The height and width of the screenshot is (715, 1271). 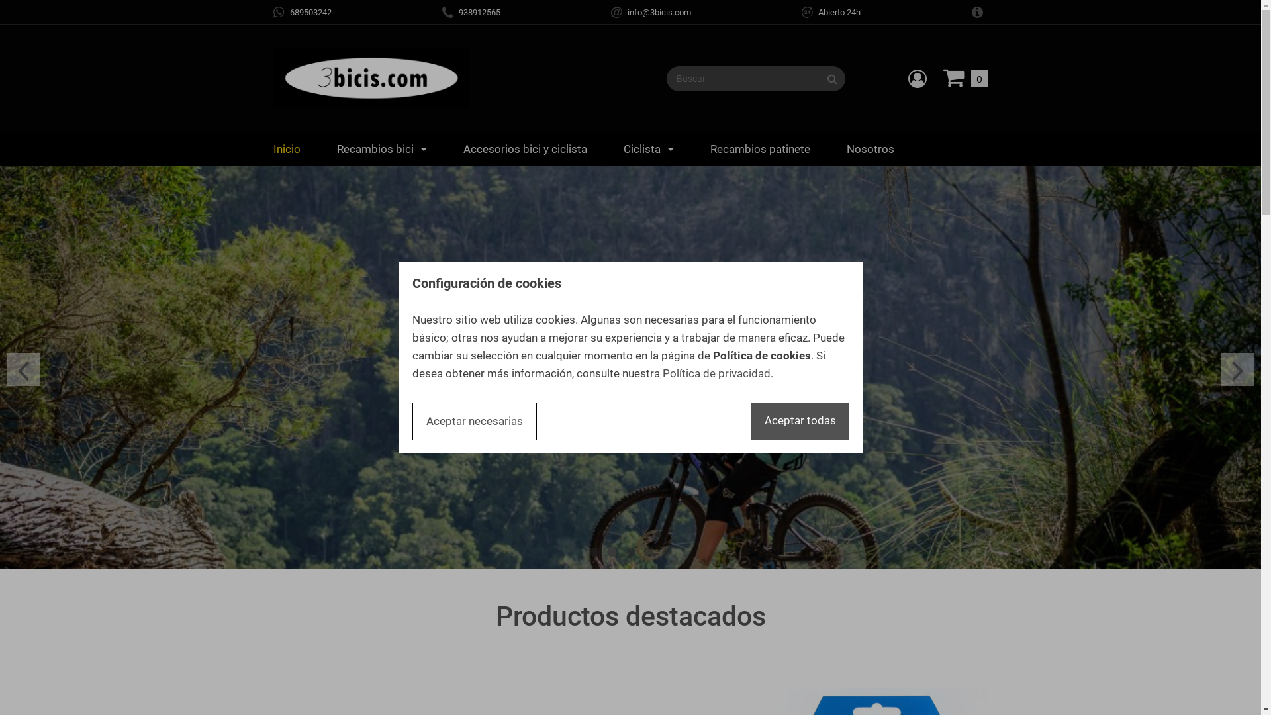 What do you see at coordinates (648, 148) in the screenshot?
I see `'Ciclista'` at bounding box center [648, 148].